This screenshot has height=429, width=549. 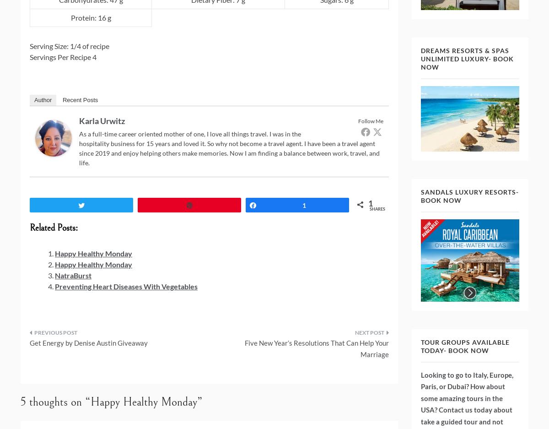 What do you see at coordinates (79, 147) in the screenshot?
I see `'As a full-time career oriented mother of one, I love all things travel. I was in the hospitality business for 15 years and loved it. So why not become a travel agent. I have been a travel agent since 2019 and enjoy helping others make memories. Now I am finding a balance between work, travel, and life.'` at bounding box center [79, 147].